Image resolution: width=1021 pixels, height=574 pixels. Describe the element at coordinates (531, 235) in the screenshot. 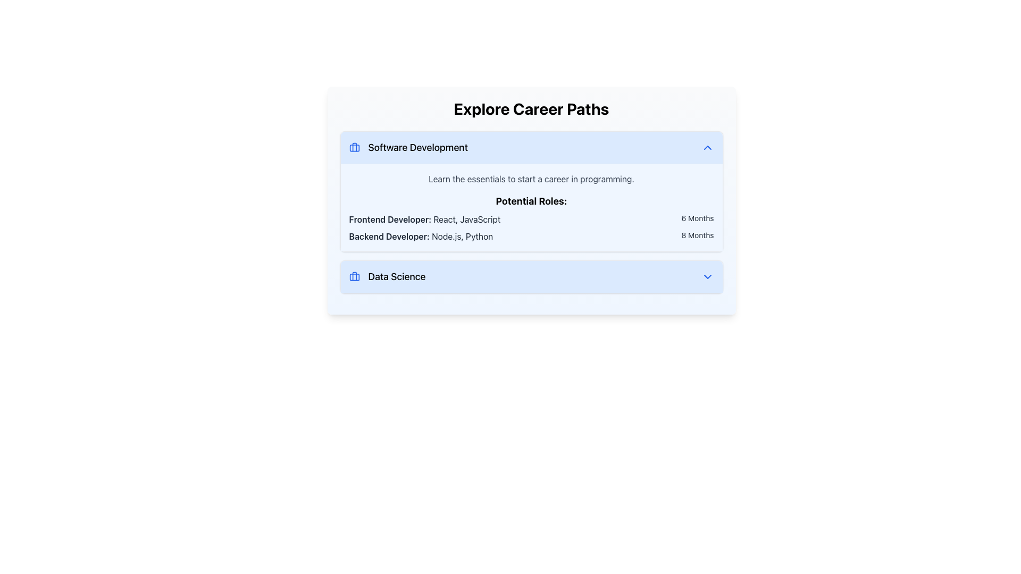

I see `the second list item in the 'Potential Roles' section of 'Software Development' category that displays career information about the role following 'Frontend Developer: React, JavaScript'` at that location.